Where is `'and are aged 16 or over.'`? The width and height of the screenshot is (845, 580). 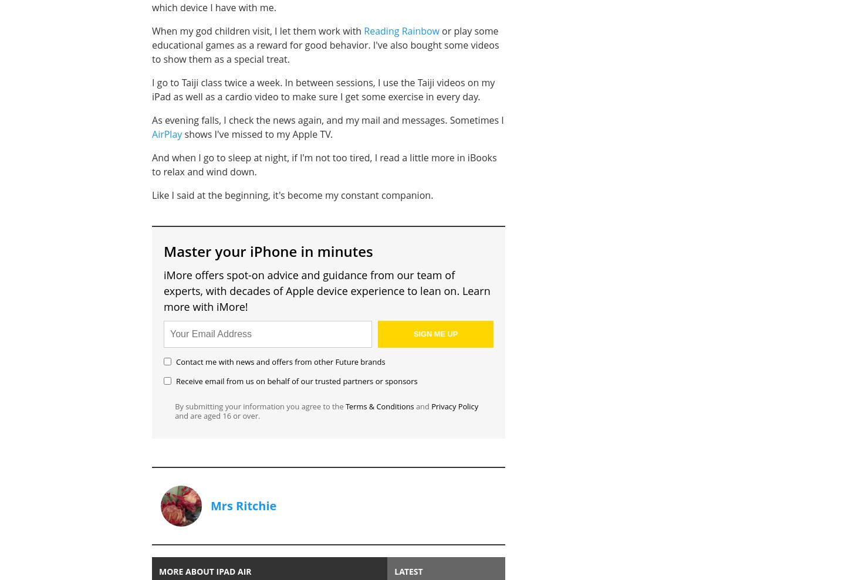
'and are aged 16 or over.' is located at coordinates (217, 415).